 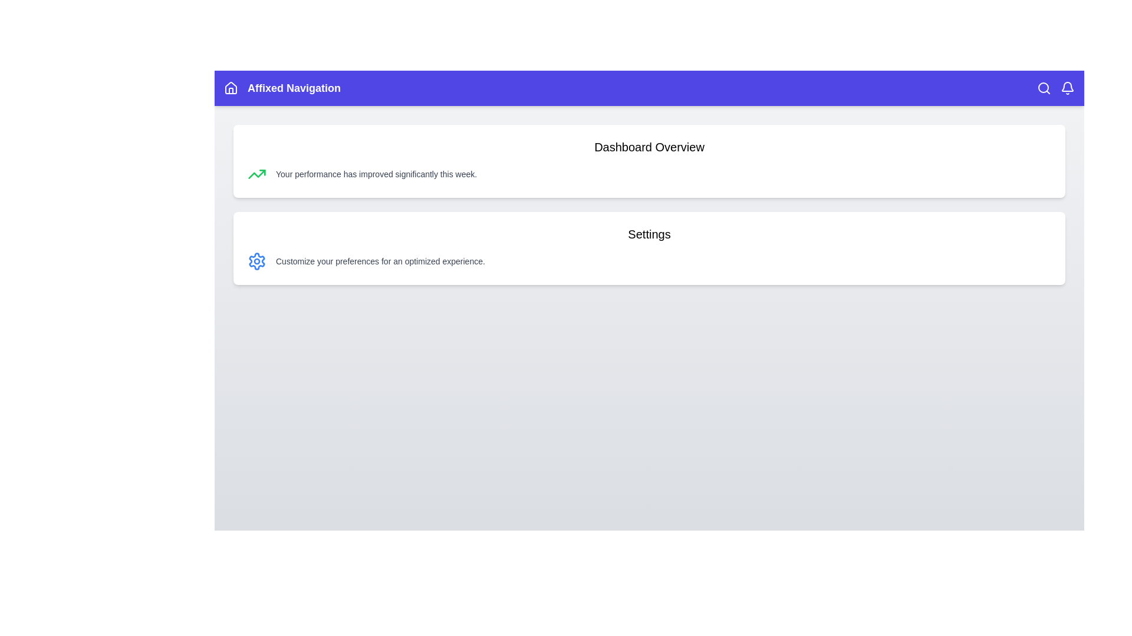 I want to click on the Text Label that provides feedback or a motivating message to users, located to the right of an upward trending green arrow icon in the upper half of the interface, so click(x=376, y=174).